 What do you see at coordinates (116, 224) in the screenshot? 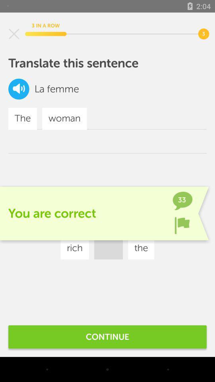
I see `item next to the woman` at bounding box center [116, 224].